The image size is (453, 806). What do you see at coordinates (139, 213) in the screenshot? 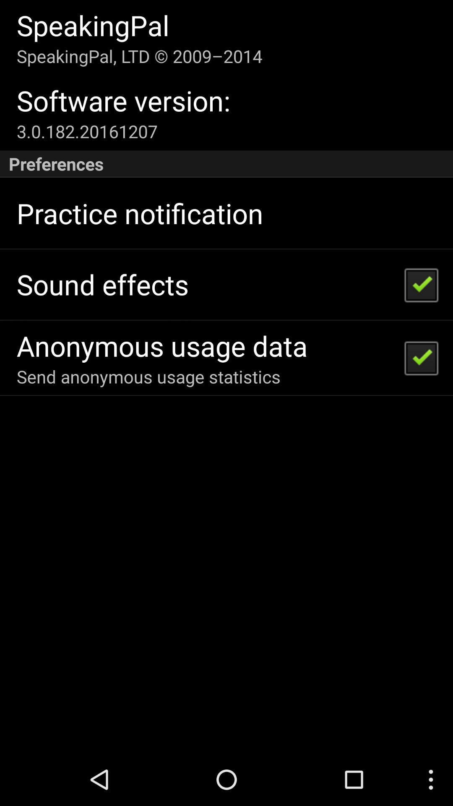
I see `practice notification icon` at bounding box center [139, 213].